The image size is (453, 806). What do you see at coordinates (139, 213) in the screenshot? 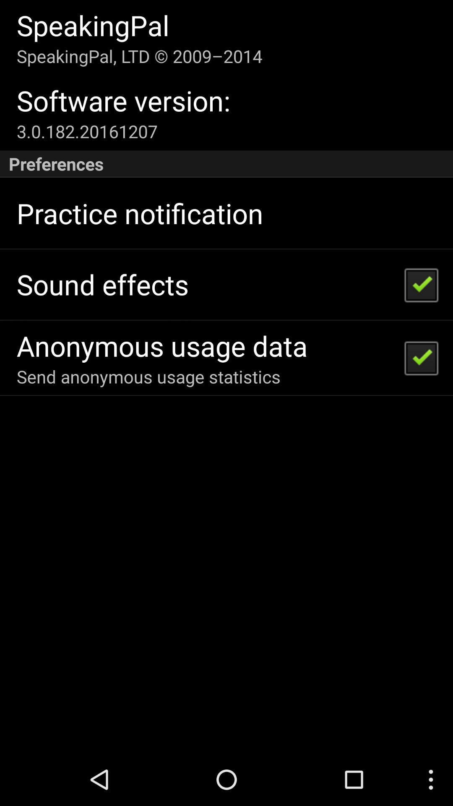
I see `practice notification icon` at bounding box center [139, 213].